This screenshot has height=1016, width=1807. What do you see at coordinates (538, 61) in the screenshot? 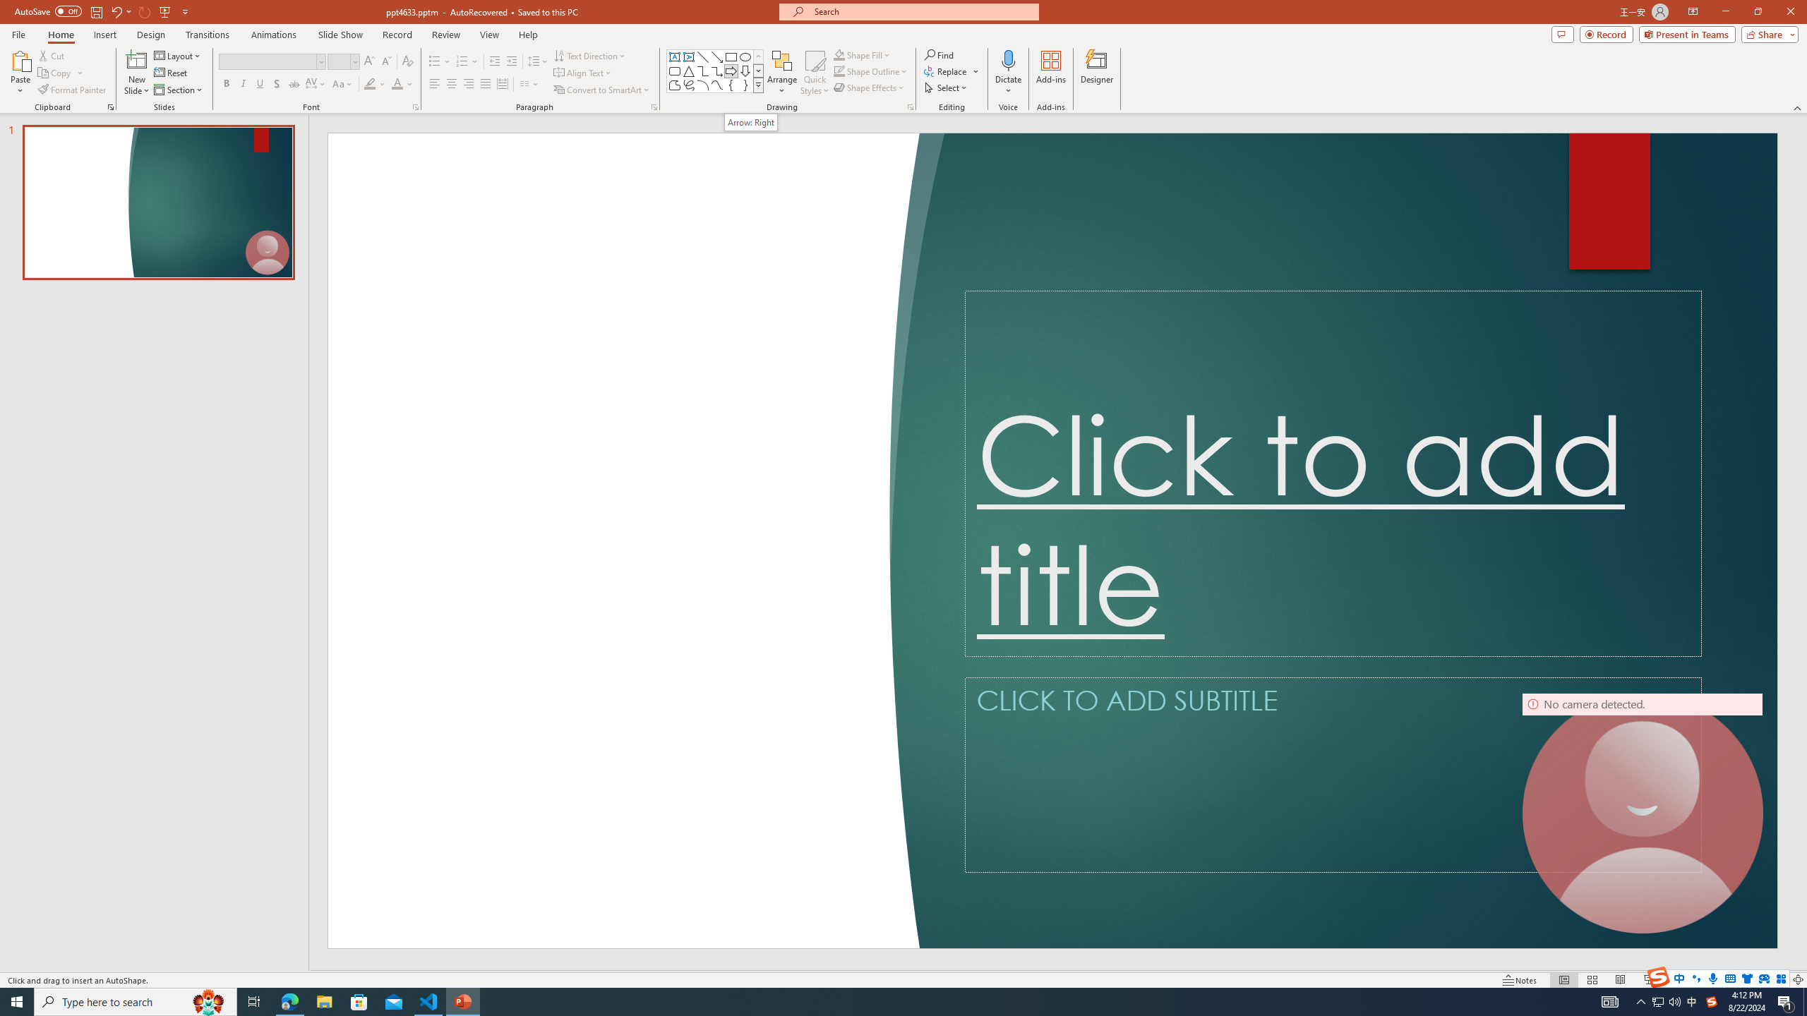
I see `'Line Spacing'` at bounding box center [538, 61].